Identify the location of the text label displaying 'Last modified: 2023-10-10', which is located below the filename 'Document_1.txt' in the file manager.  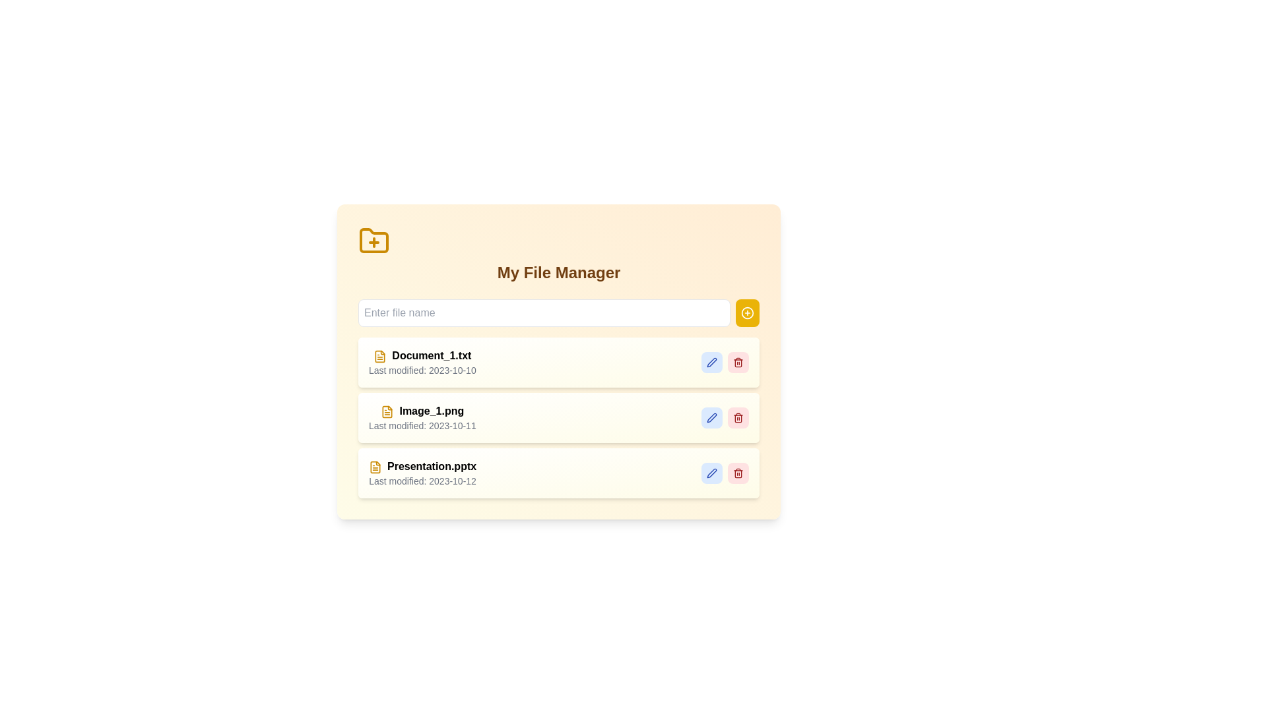
(422, 371).